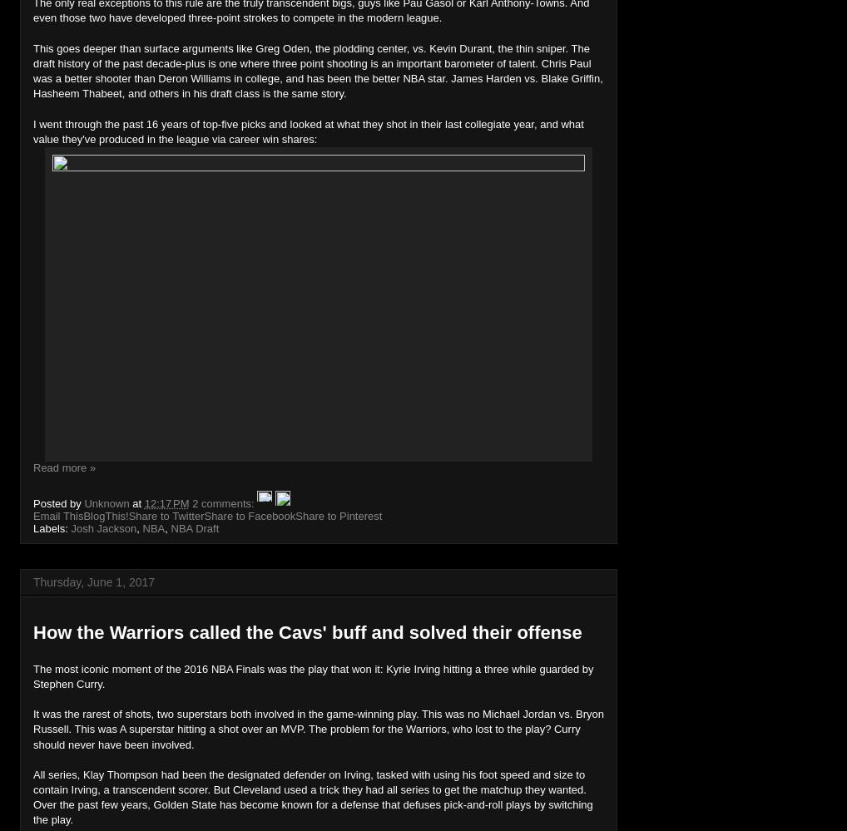  What do you see at coordinates (224, 502) in the screenshot?
I see `'2 comments:'` at bounding box center [224, 502].